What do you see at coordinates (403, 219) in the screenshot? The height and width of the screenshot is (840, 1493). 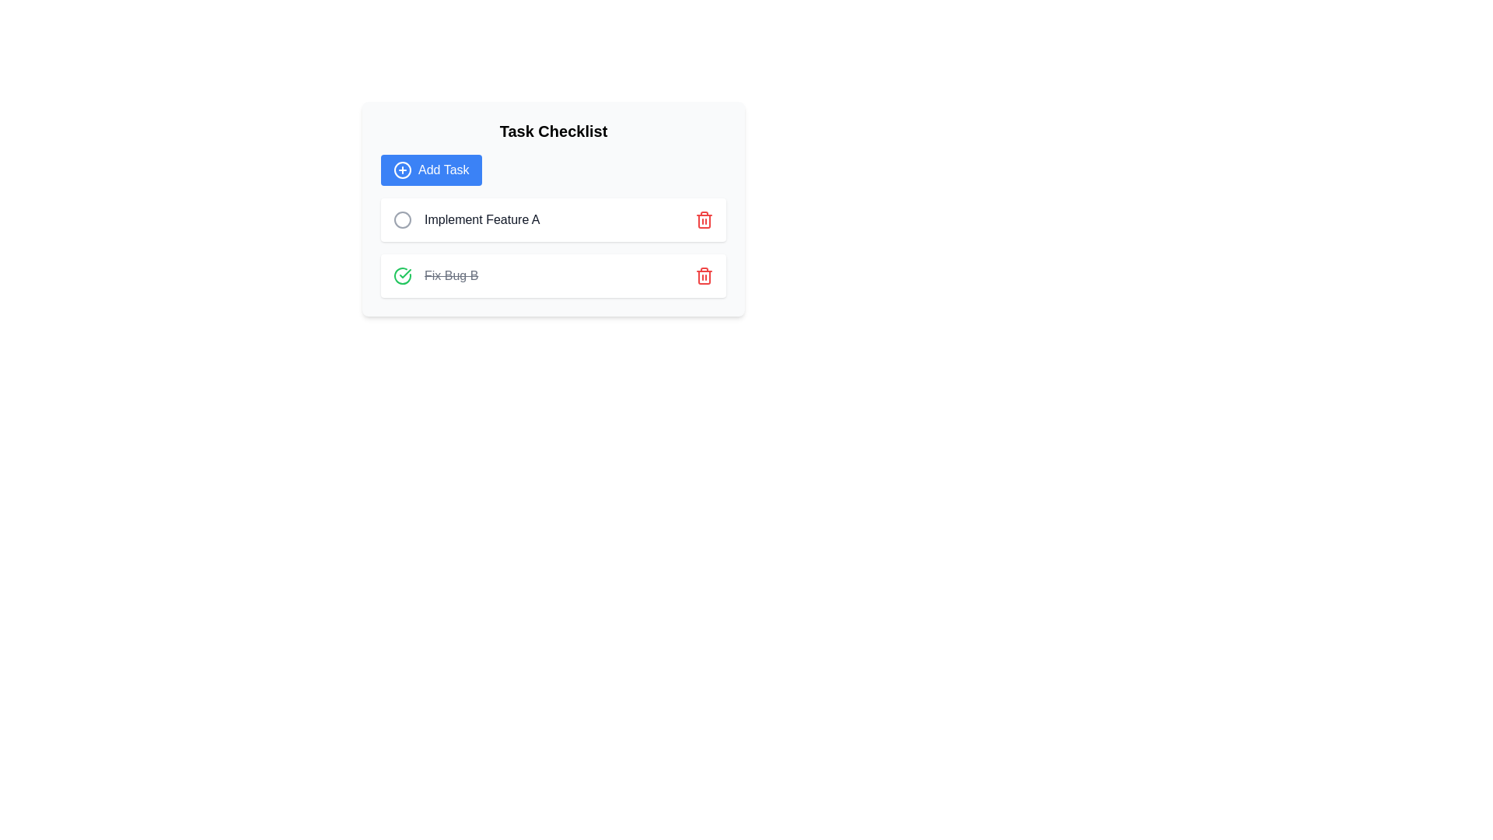 I see `the circular status icon for the task titled 'Implement Feature A', which is positioned slightly towards the center vertically within its associated row, located to the left of the task text` at bounding box center [403, 219].